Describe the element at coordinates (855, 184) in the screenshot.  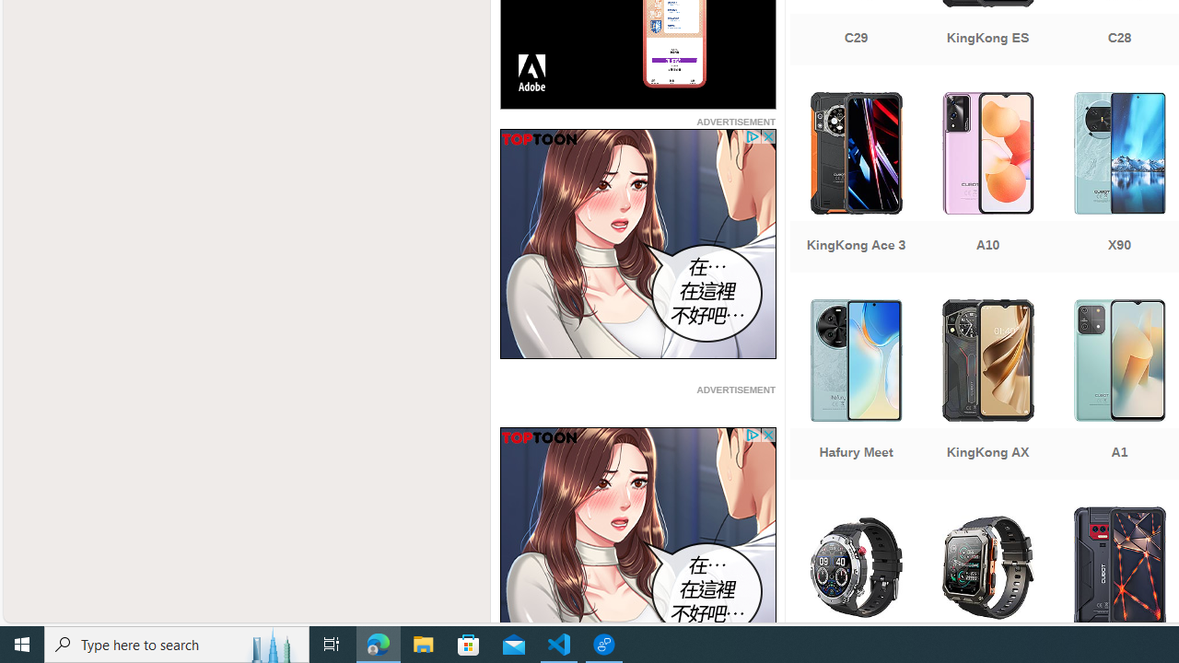
I see `'KingKong Ace 3'` at that location.